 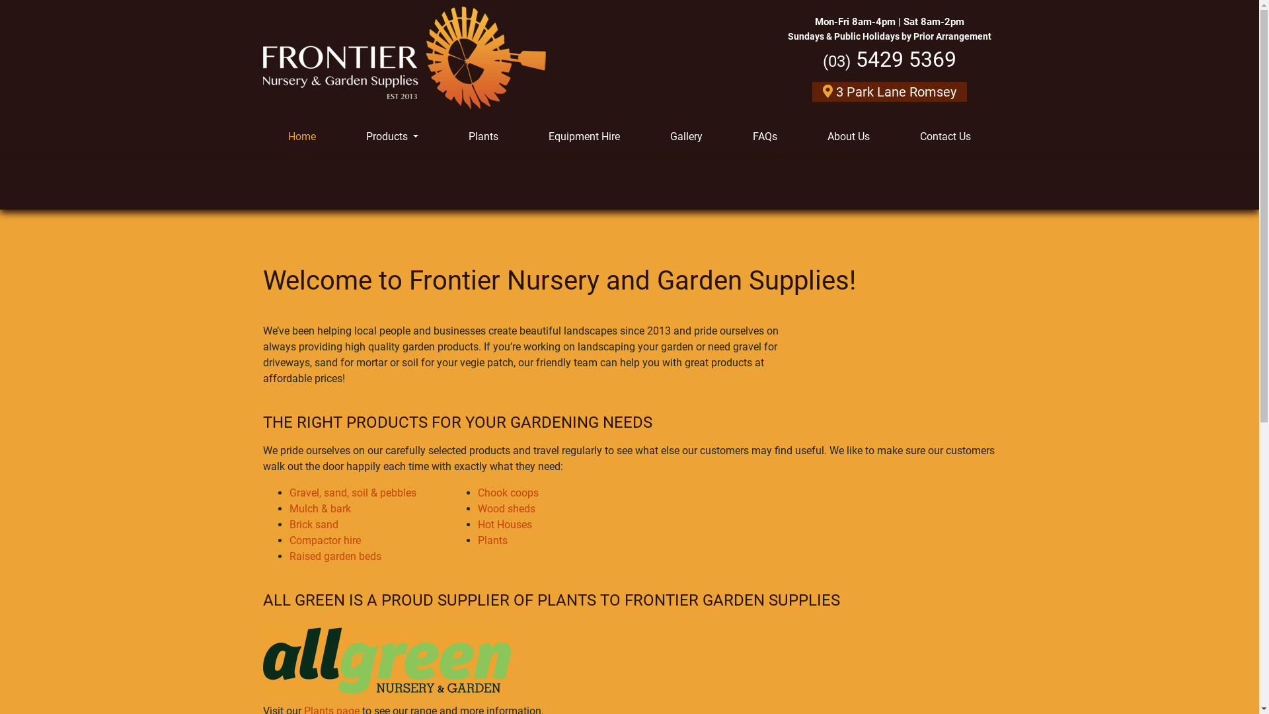 What do you see at coordinates (848, 137) in the screenshot?
I see `'About Us'` at bounding box center [848, 137].